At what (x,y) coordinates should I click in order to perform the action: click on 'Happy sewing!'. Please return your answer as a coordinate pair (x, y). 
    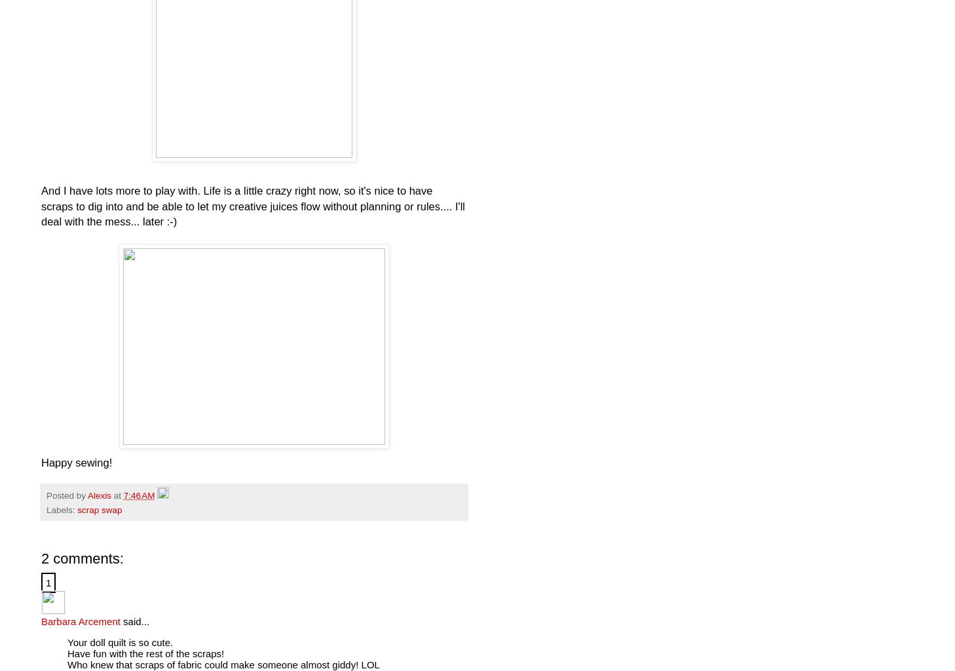
    Looking at the image, I should click on (75, 462).